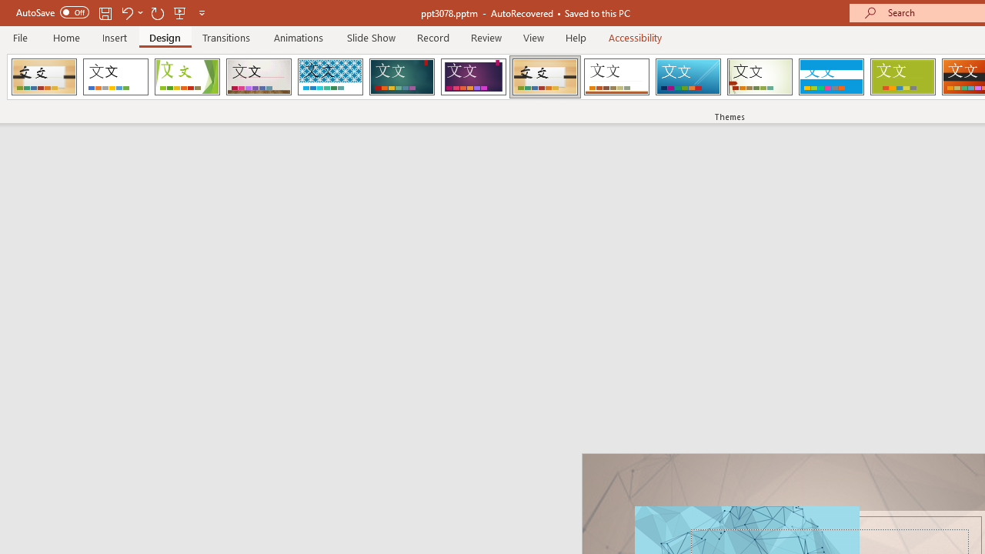 Image resolution: width=985 pixels, height=554 pixels. What do you see at coordinates (472, 77) in the screenshot?
I see `'Ion Boardroom'` at bounding box center [472, 77].